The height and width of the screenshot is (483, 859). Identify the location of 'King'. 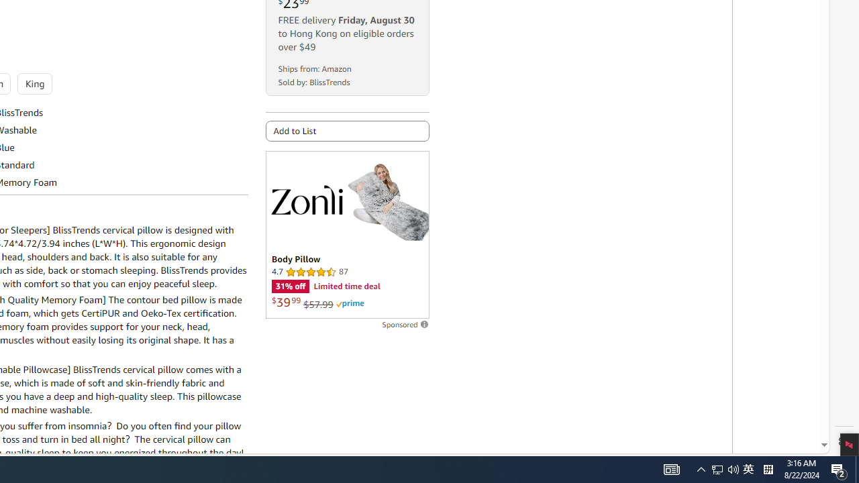
(34, 83).